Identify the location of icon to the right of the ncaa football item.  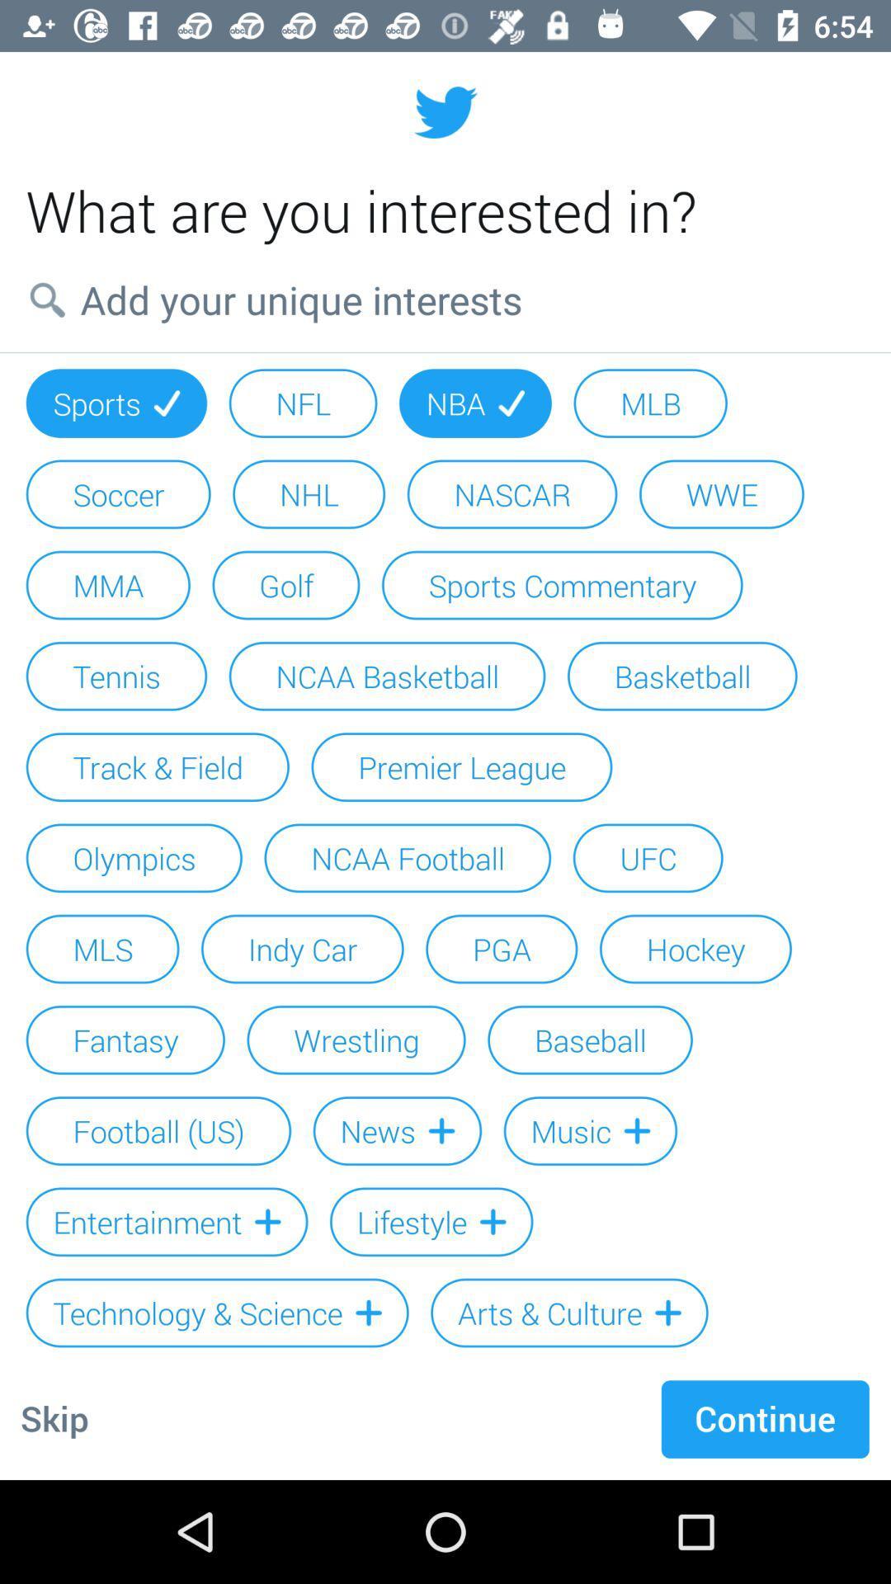
(647, 858).